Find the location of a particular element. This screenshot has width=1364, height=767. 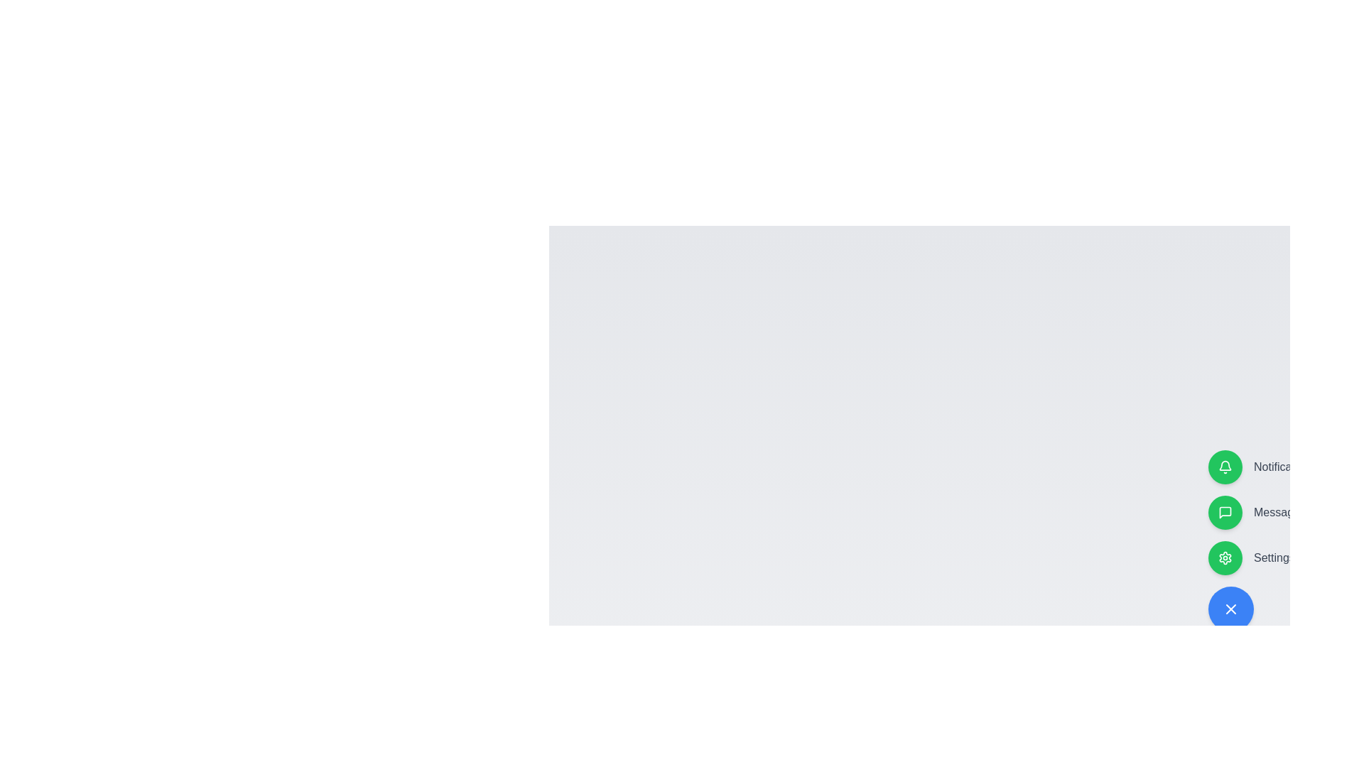

the button associated with the label Notifications is located at coordinates (1224, 467).